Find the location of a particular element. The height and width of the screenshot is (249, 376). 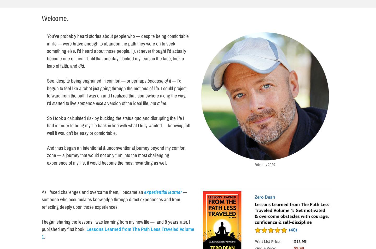

'February 2020' is located at coordinates (265, 164).